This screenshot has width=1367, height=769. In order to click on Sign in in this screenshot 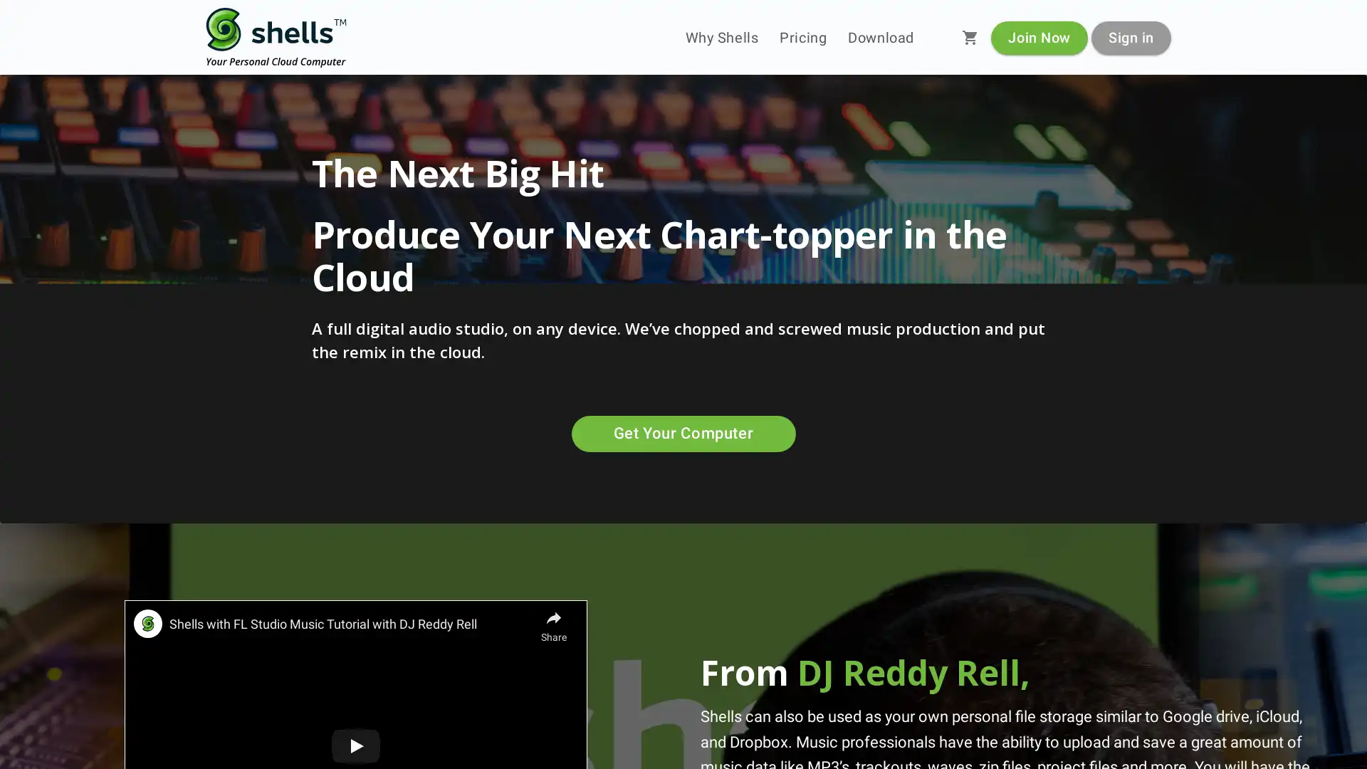, I will do `click(1130, 36)`.